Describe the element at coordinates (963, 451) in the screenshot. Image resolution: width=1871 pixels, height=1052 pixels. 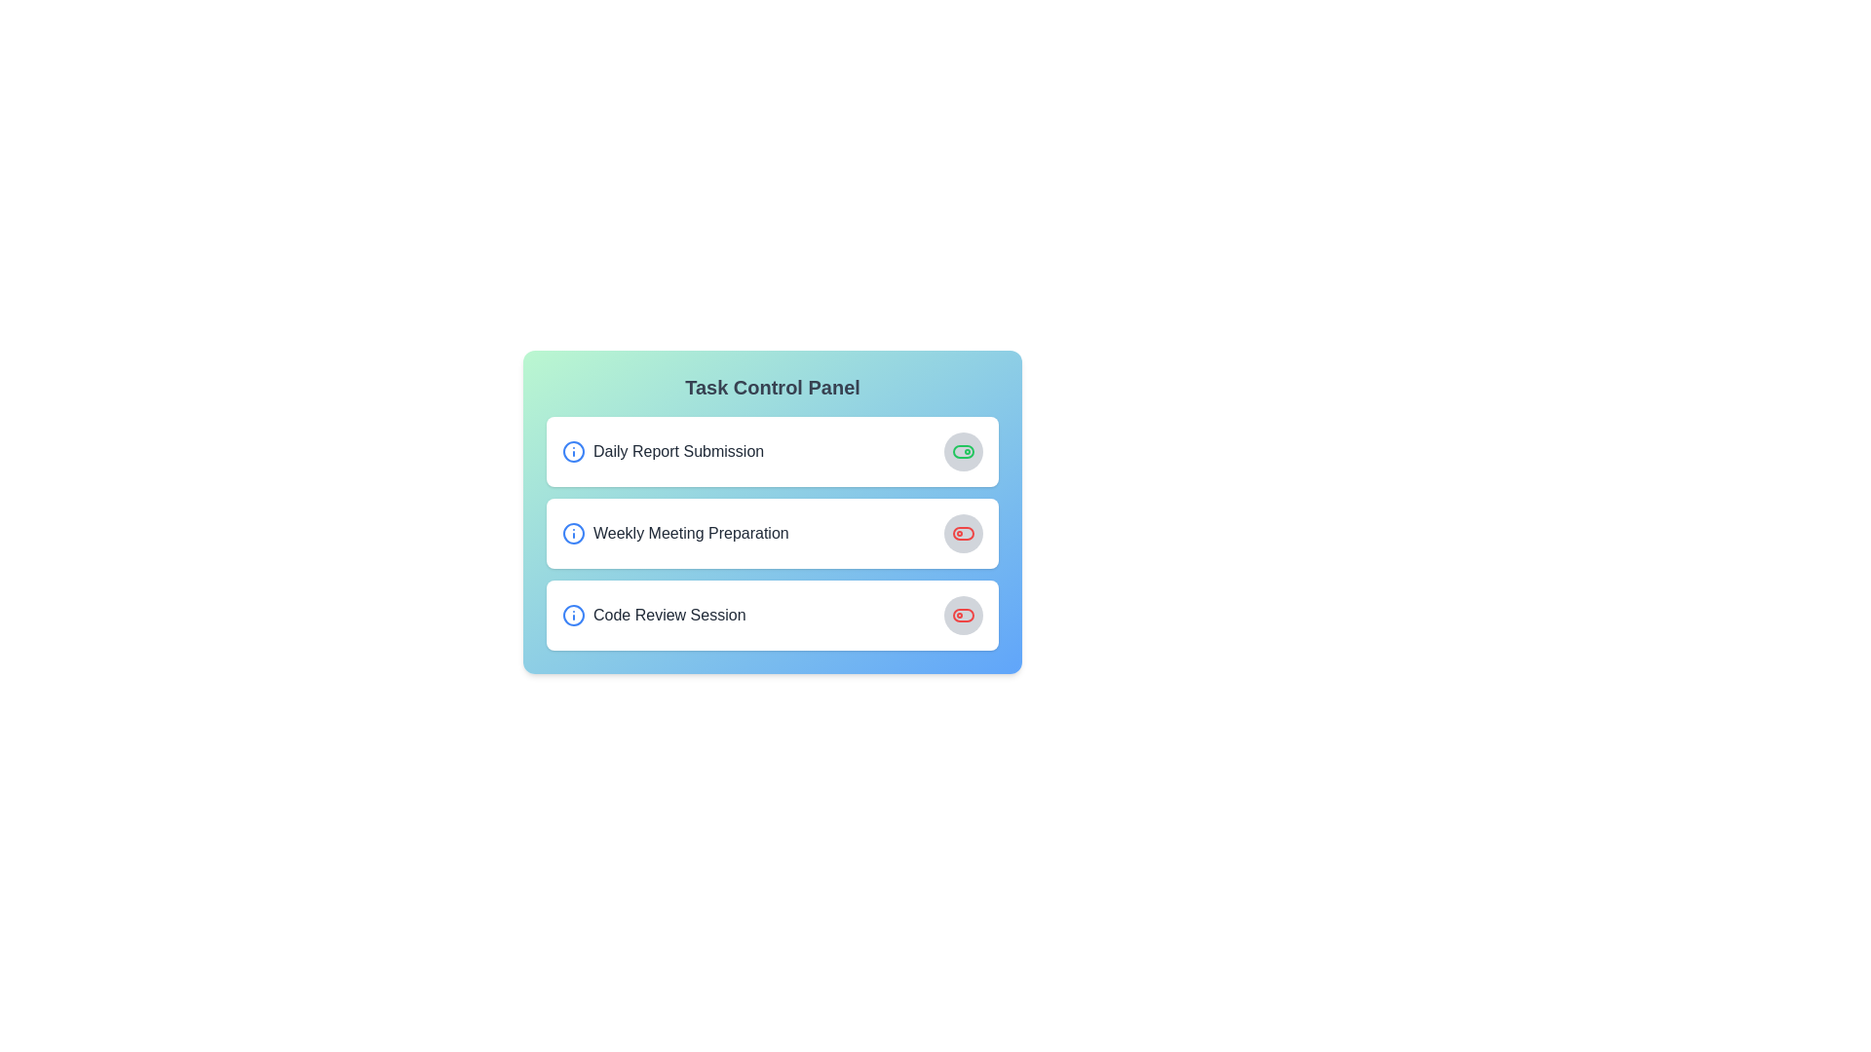
I see `the first toggle switch in the 'Task Control Panel'` at that location.